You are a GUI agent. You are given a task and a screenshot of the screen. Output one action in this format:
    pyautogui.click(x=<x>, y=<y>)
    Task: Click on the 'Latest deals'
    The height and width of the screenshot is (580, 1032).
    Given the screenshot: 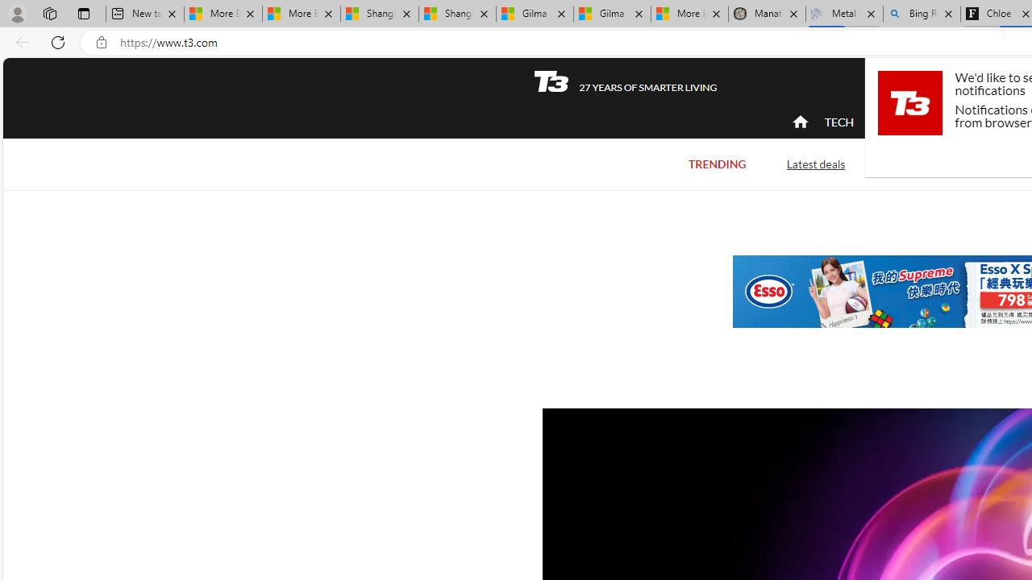 What is the action you would take?
    pyautogui.click(x=815, y=164)
    